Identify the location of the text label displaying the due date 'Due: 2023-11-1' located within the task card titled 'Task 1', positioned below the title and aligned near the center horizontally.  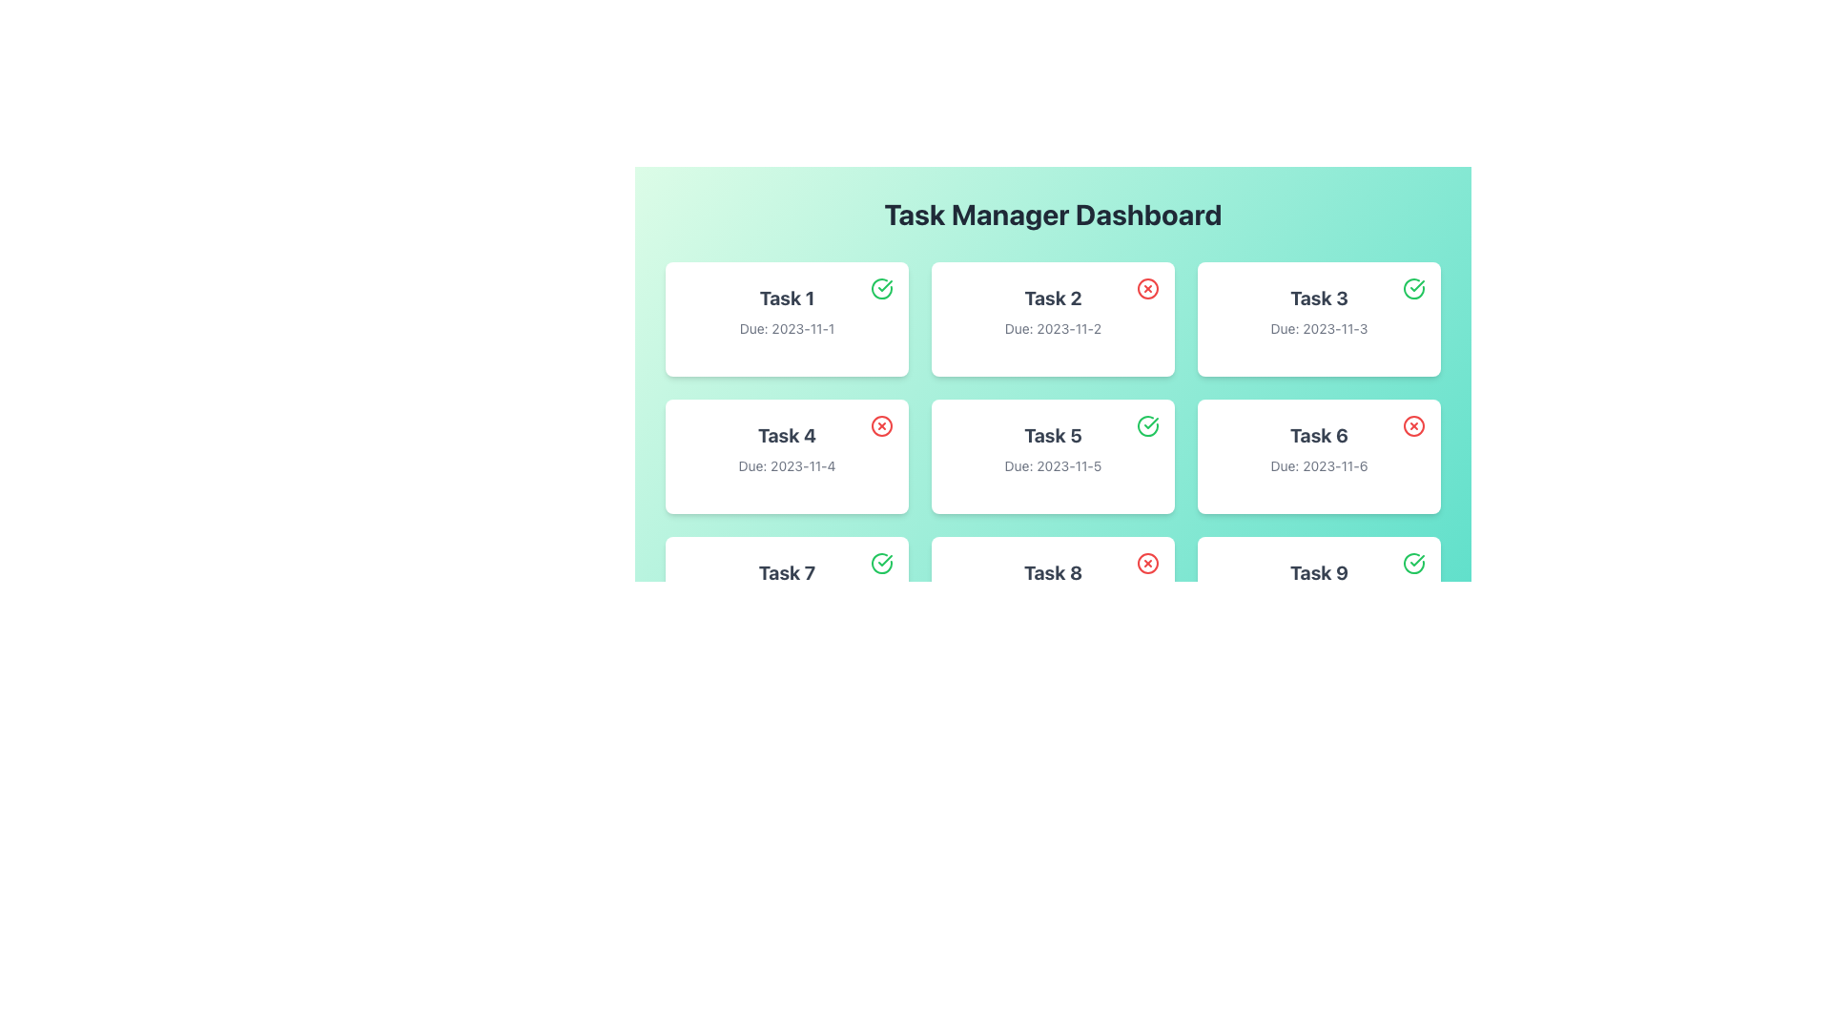
(787, 327).